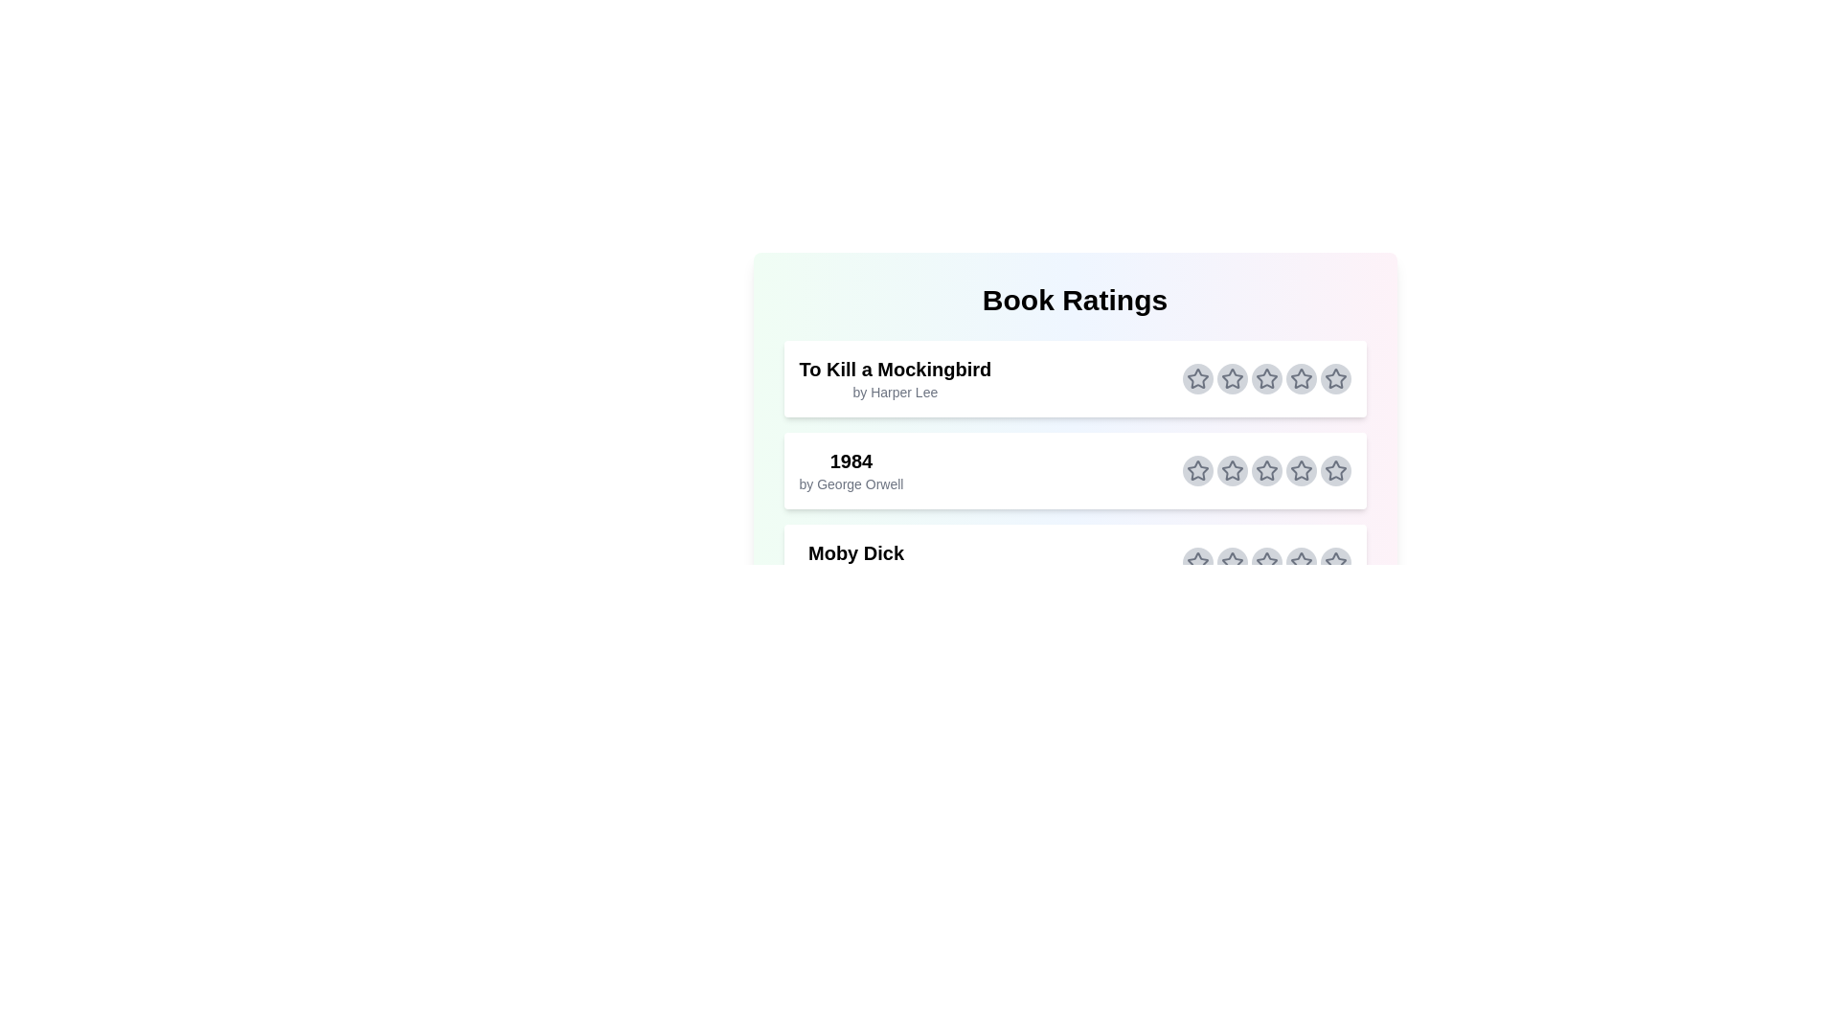 This screenshot has width=1839, height=1034. Describe the element at coordinates (1266, 561) in the screenshot. I see `the star corresponding to 3 stars for the book titled Moby Dick` at that location.